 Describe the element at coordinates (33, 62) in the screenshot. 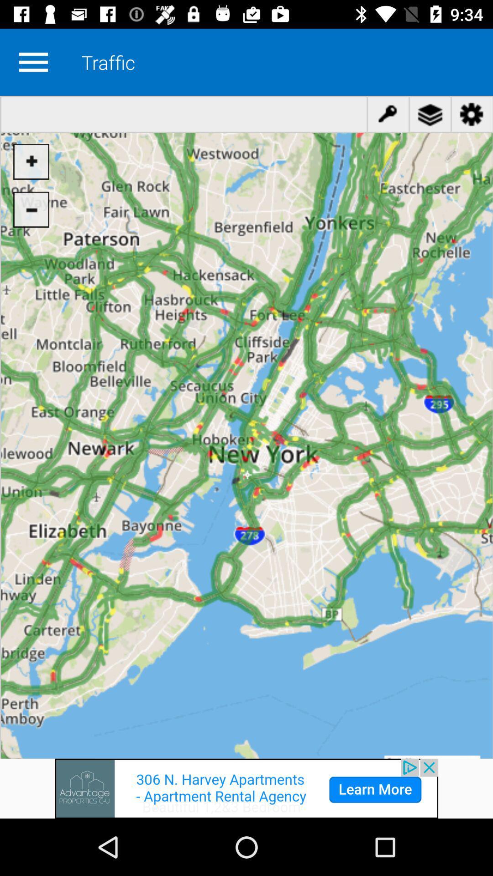

I see `the menu icon` at that location.